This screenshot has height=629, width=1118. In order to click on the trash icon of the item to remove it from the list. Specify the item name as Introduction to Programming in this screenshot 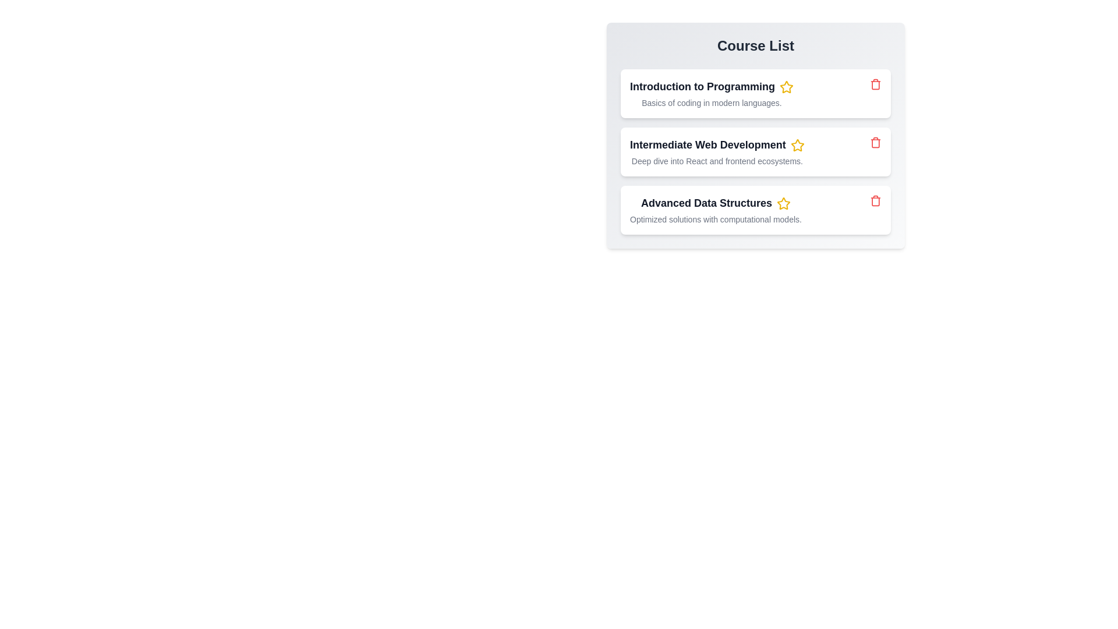, I will do `click(875, 84)`.